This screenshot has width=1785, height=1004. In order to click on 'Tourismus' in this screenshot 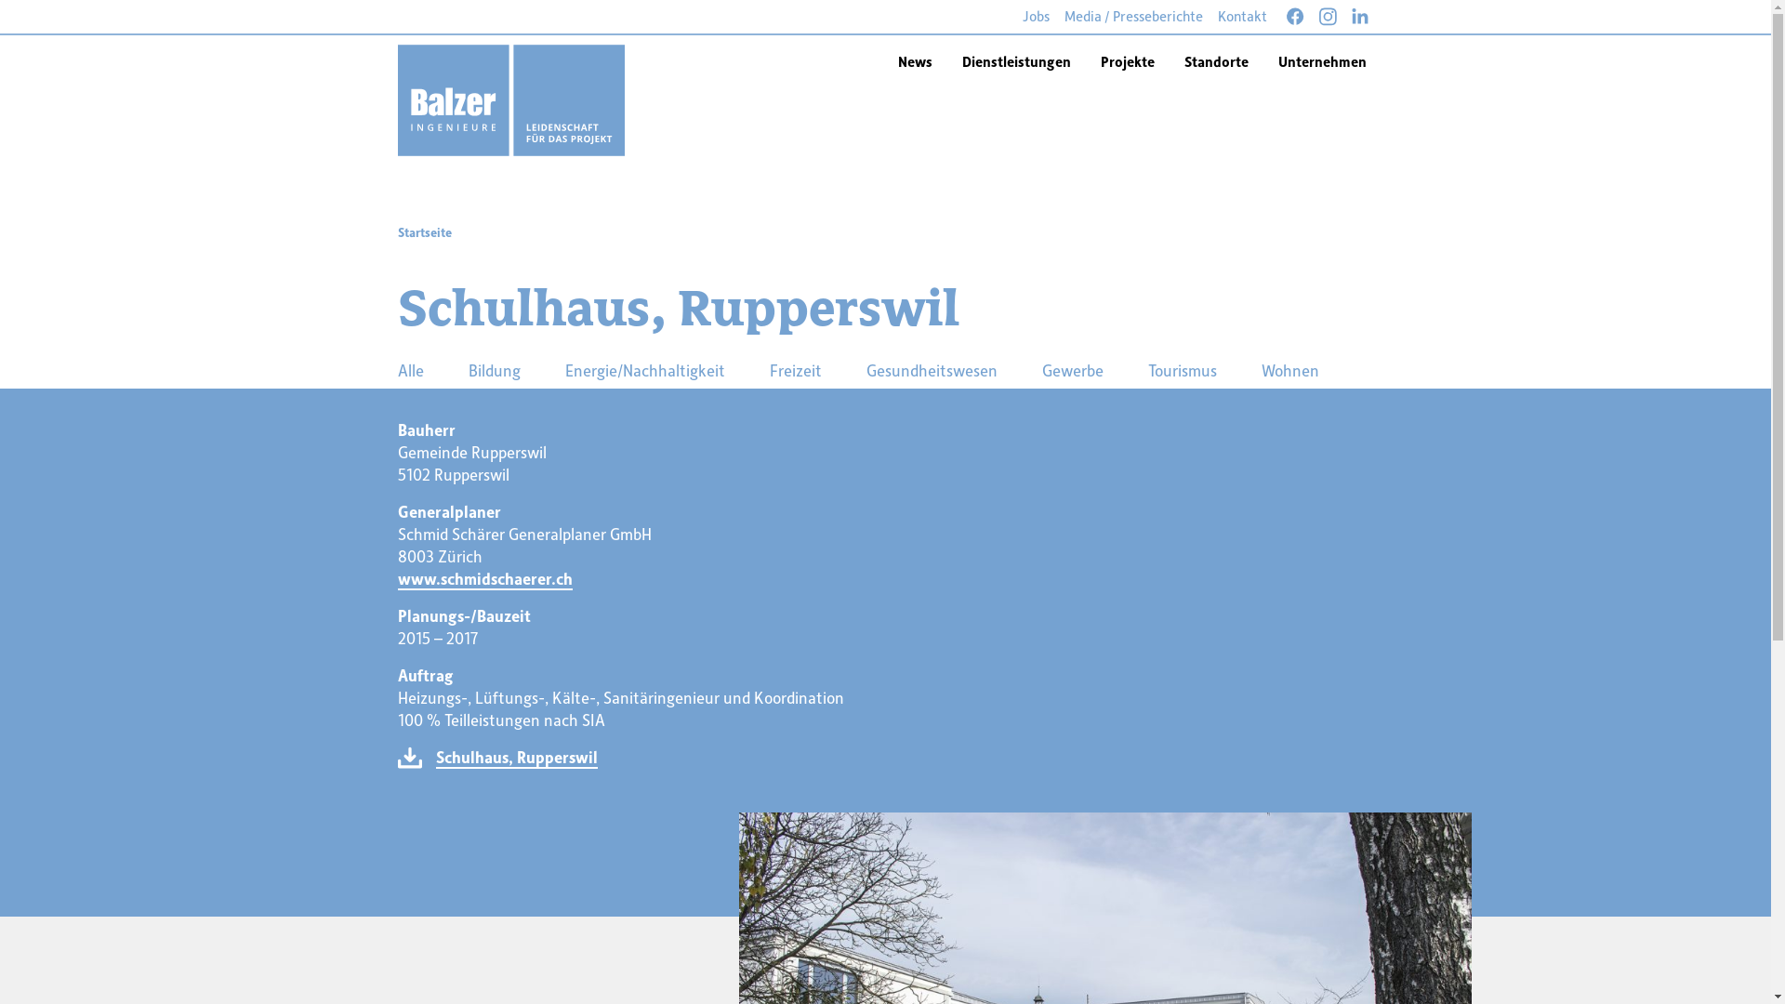, I will do `click(1181, 369)`.